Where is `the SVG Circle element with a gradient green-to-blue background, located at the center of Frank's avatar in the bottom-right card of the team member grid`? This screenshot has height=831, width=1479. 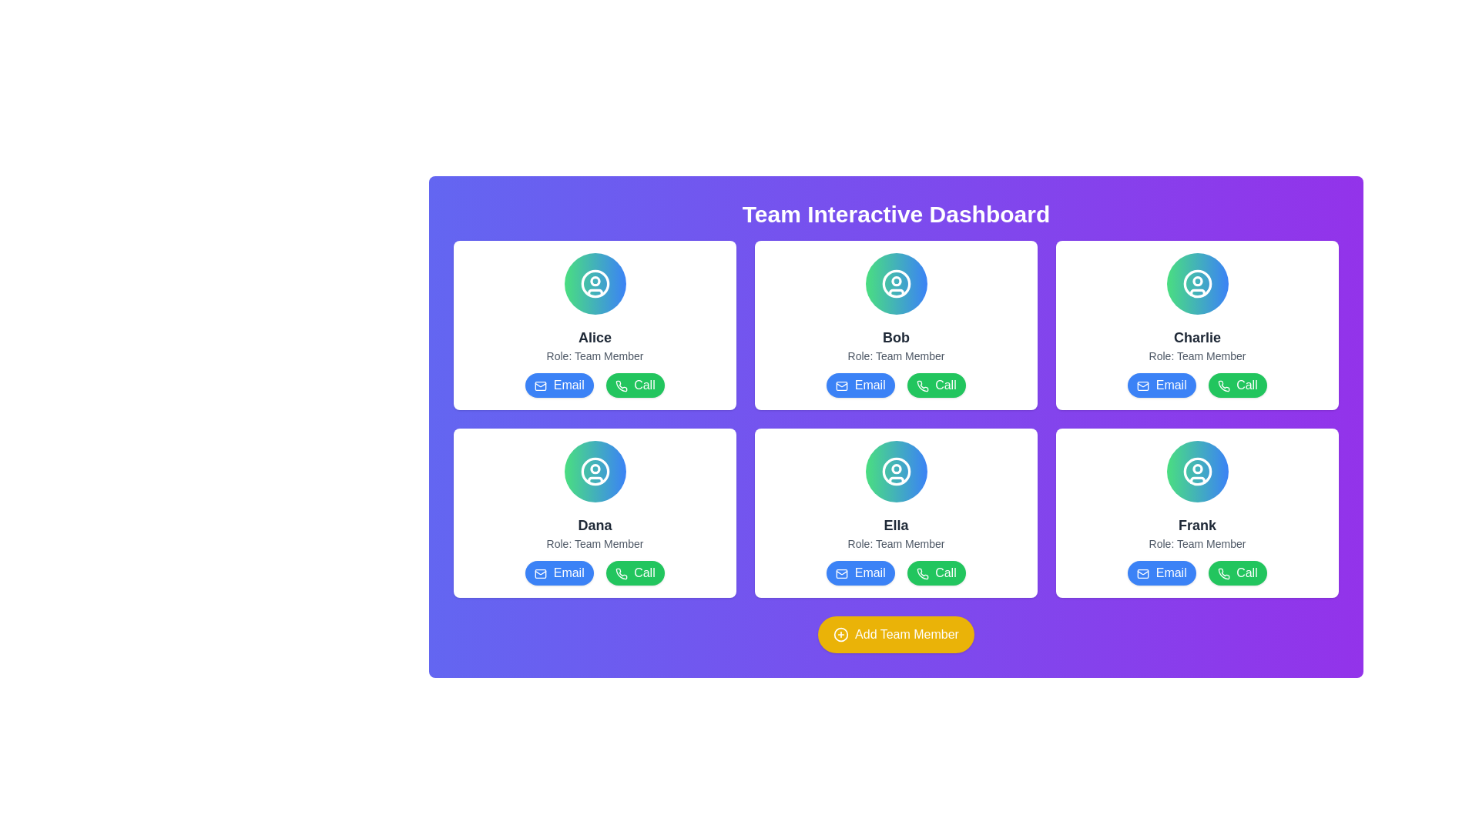 the SVG Circle element with a gradient green-to-blue background, located at the center of Frank's avatar in the bottom-right card of the team member grid is located at coordinates (1196, 471).